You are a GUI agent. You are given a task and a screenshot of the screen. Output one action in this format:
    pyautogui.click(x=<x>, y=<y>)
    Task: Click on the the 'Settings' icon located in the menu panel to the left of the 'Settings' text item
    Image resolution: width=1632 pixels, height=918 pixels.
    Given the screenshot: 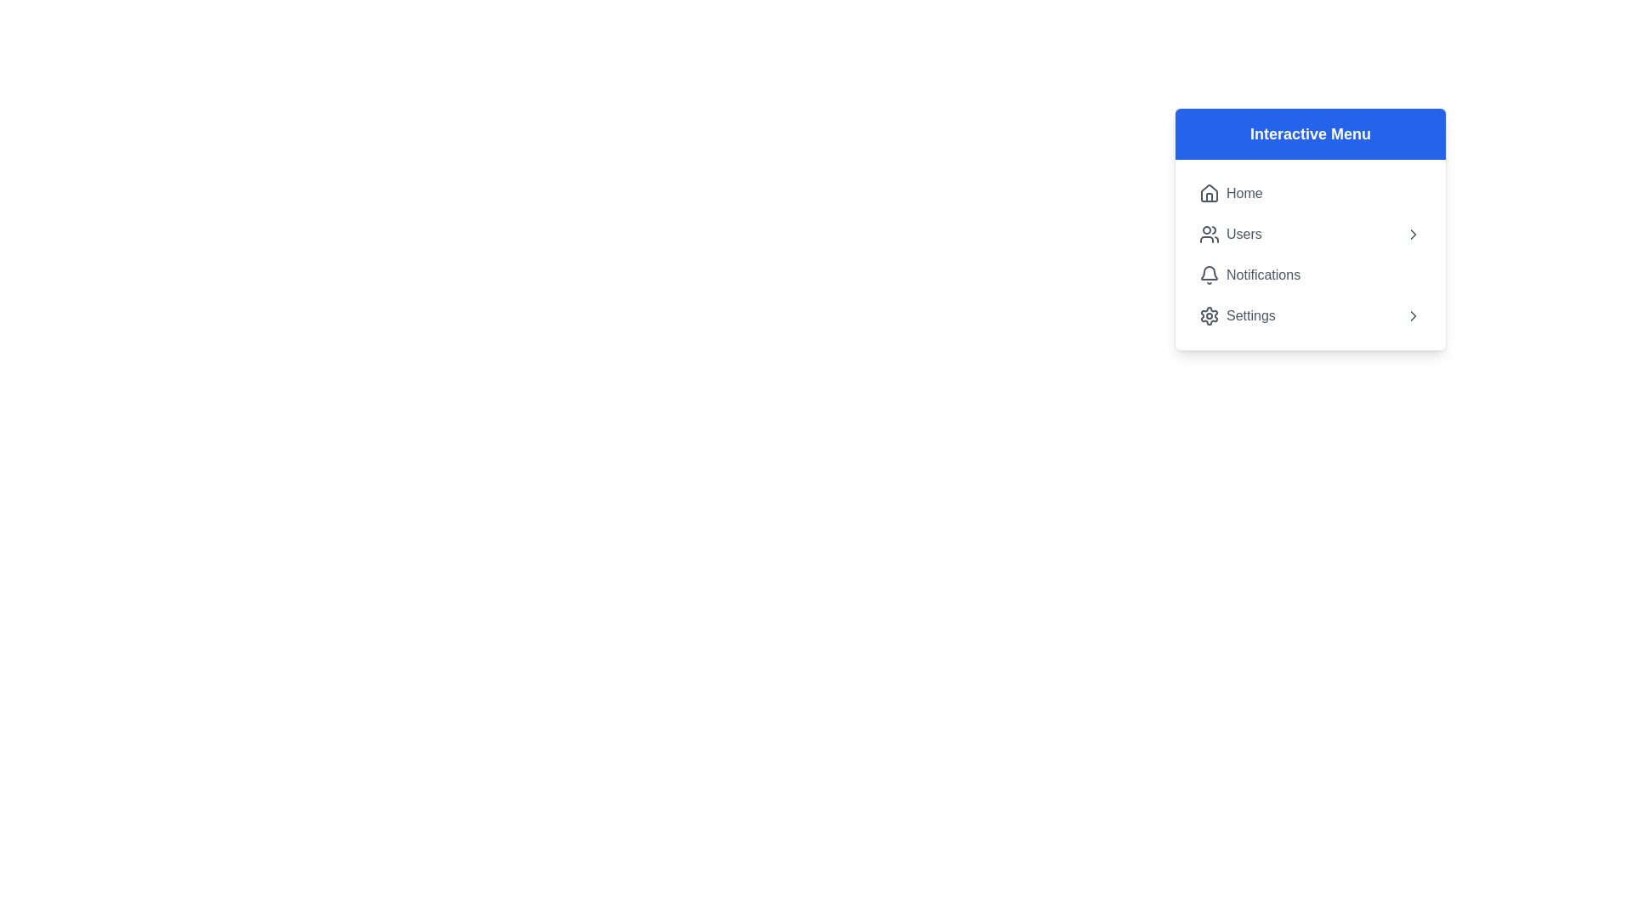 What is the action you would take?
    pyautogui.click(x=1208, y=315)
    